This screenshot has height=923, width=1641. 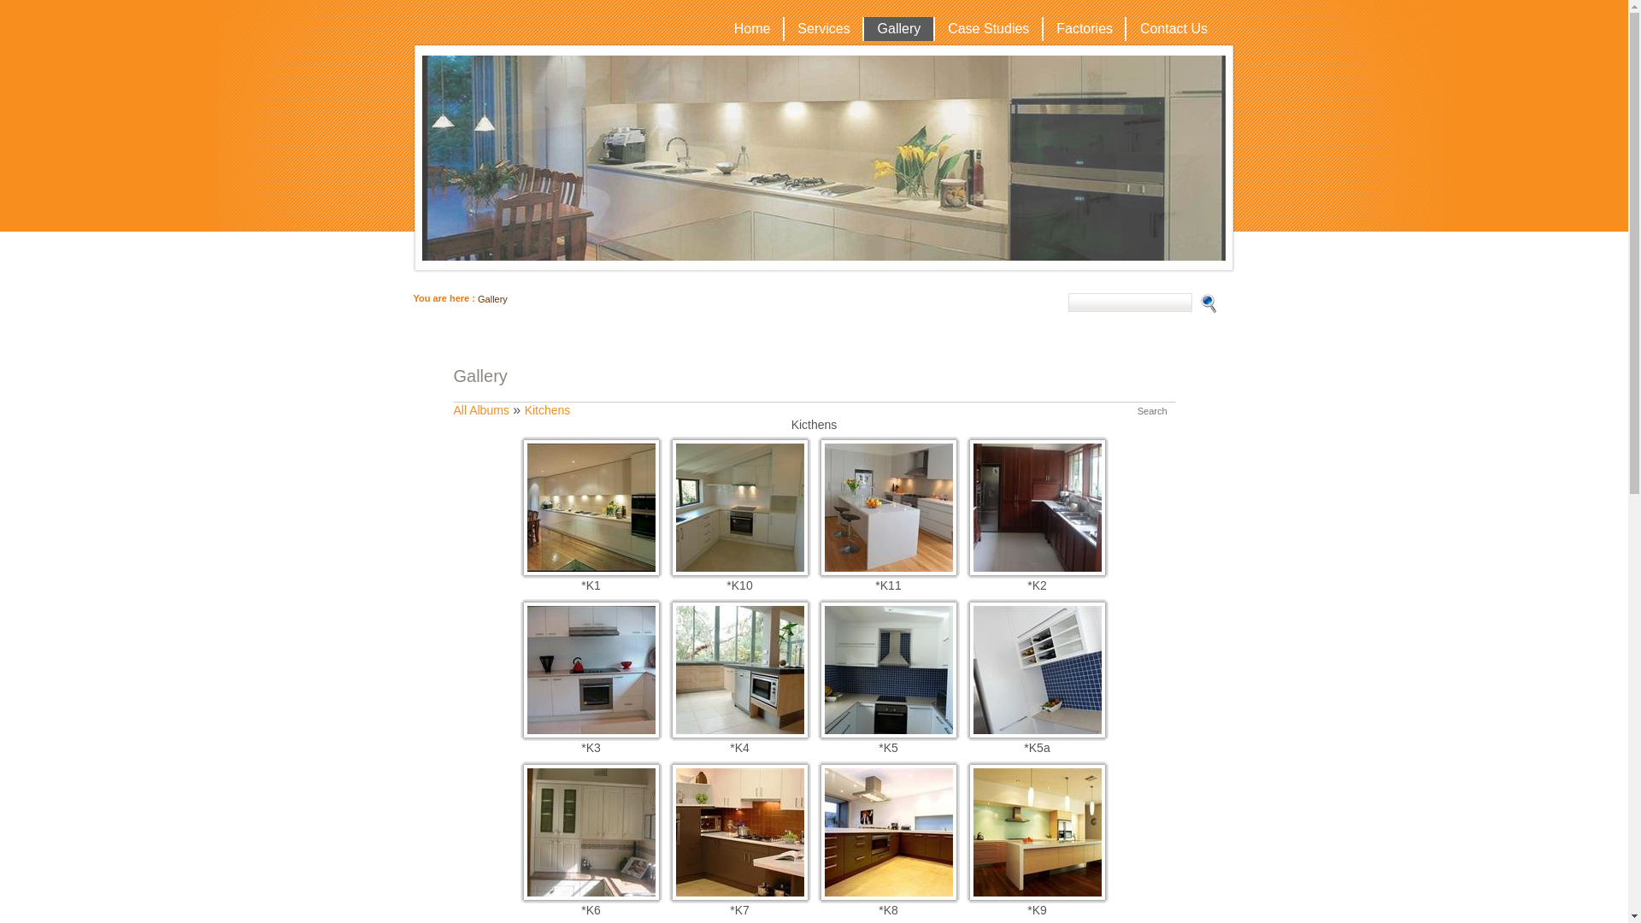 I want to click on ' Home ', so click(x=751, y=29).